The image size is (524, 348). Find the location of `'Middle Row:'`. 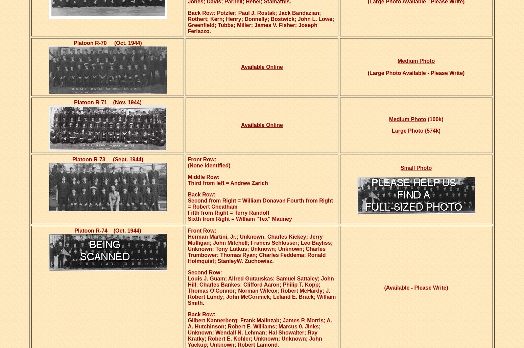

'Middle Row:' is located at coordinates (204, 177).